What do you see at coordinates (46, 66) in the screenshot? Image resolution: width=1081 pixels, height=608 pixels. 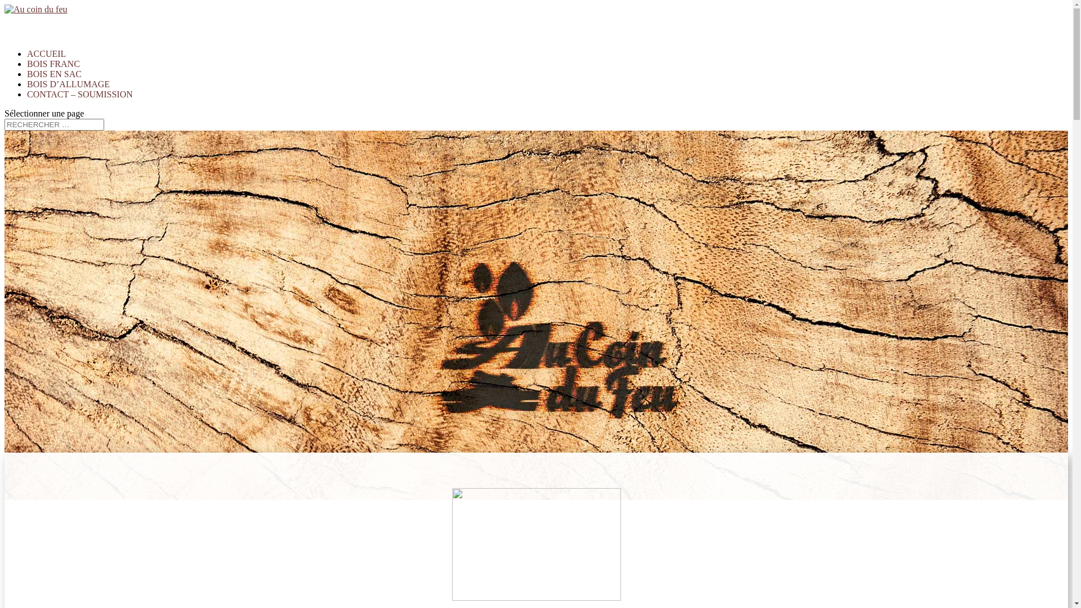 I see `'ACCUEIL'` at bounding box center [46, 66].